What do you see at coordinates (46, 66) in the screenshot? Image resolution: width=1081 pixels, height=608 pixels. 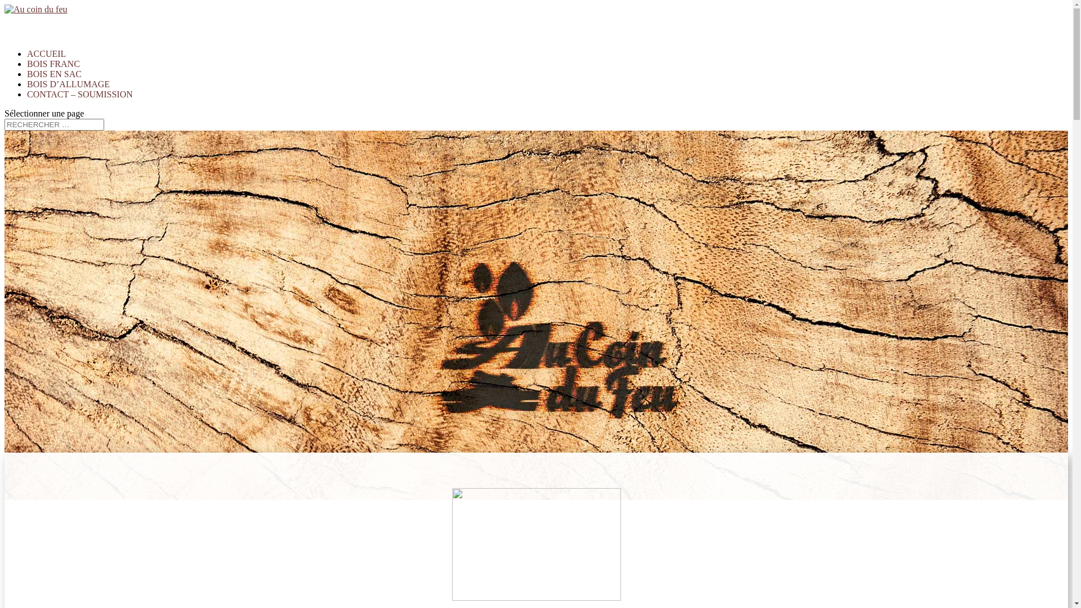 I see `'ACCUEIL'` at bounding box center [46, 66].